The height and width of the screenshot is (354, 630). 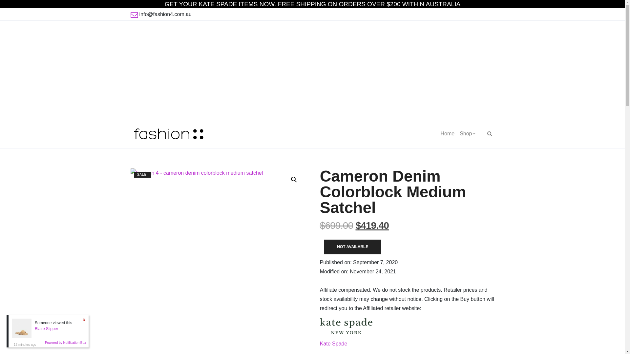 What do you see at coordinates (320, 335) in the screenshot?
I see `'Kate Spade'` at bounding box center [320, 335].